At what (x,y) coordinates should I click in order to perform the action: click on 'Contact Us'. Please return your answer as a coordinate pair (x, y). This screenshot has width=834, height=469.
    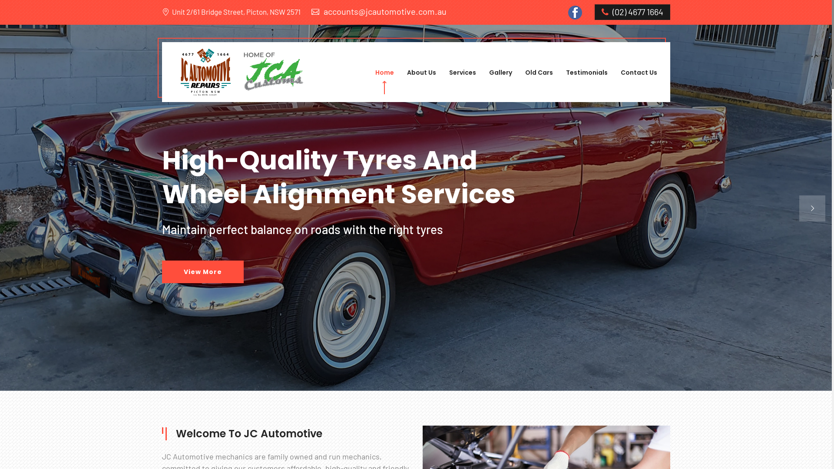
    Looking at the image, I should click on (638, 72).